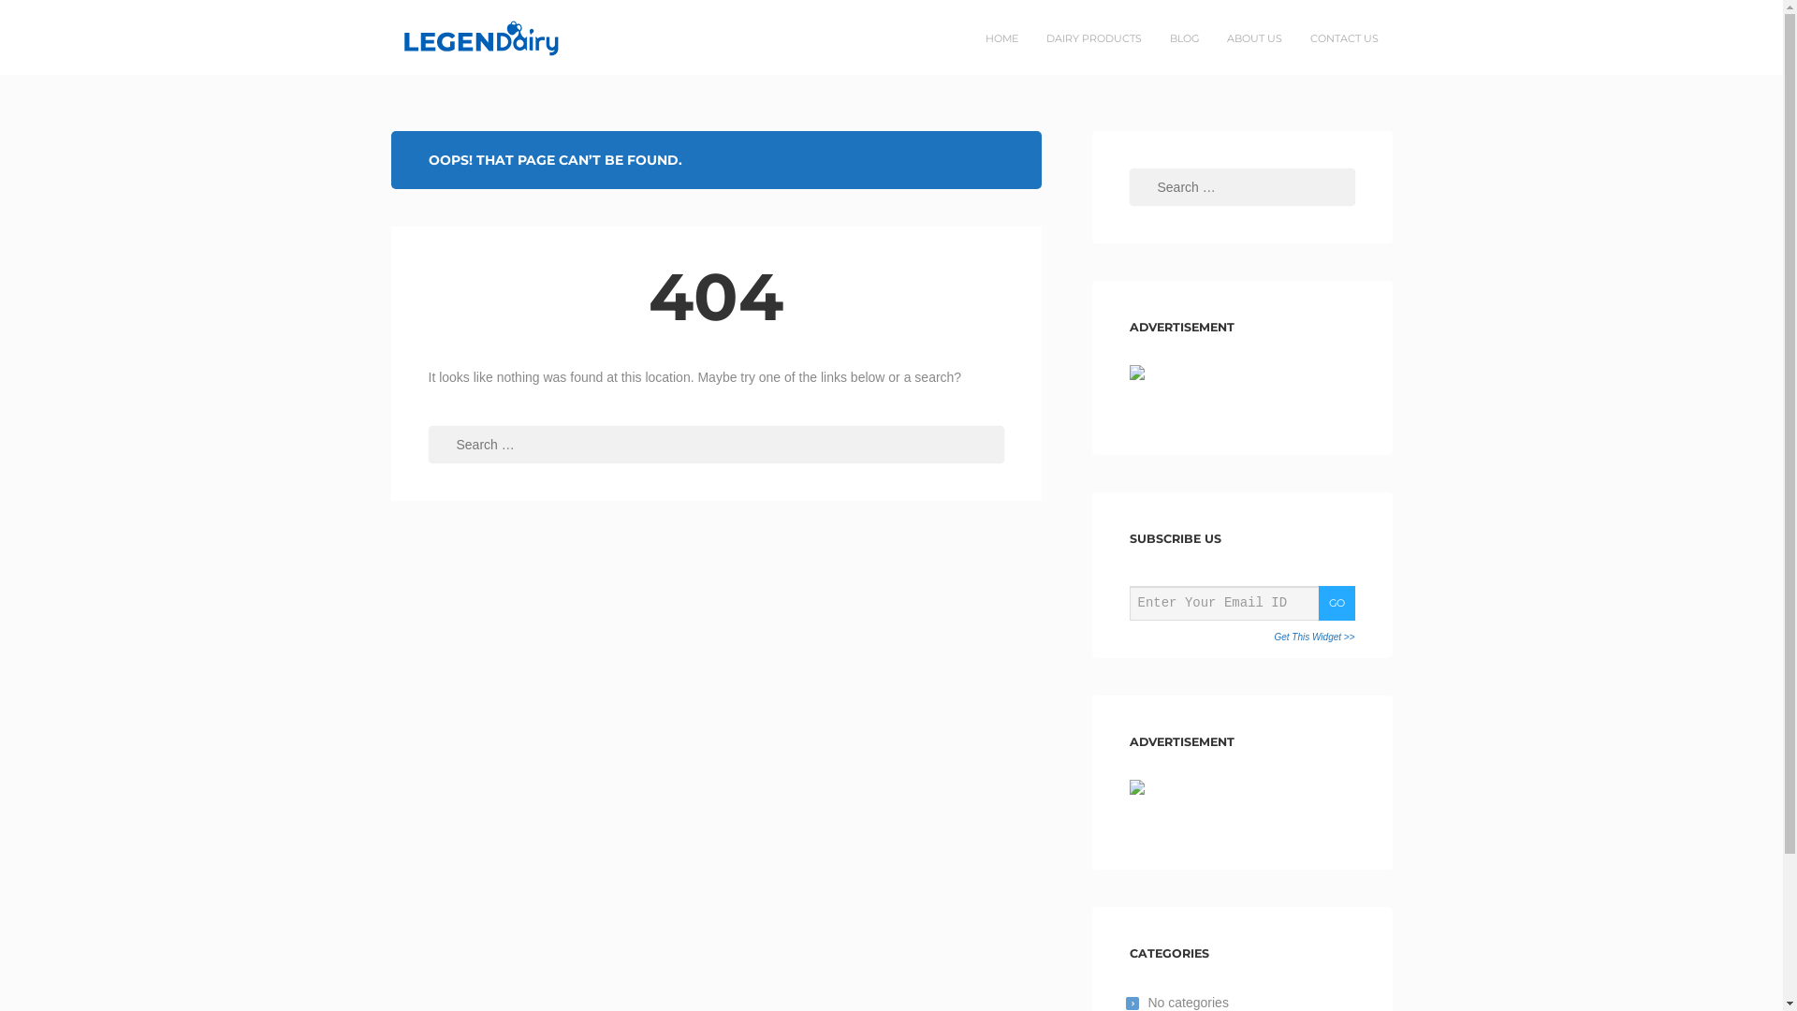 The width and height of the screenshot is (1797, 1011). What do you see at coordinates (1342, 38) in the screenshot?
I see `'CONTACT US'` at bounding box center [1342, 38].